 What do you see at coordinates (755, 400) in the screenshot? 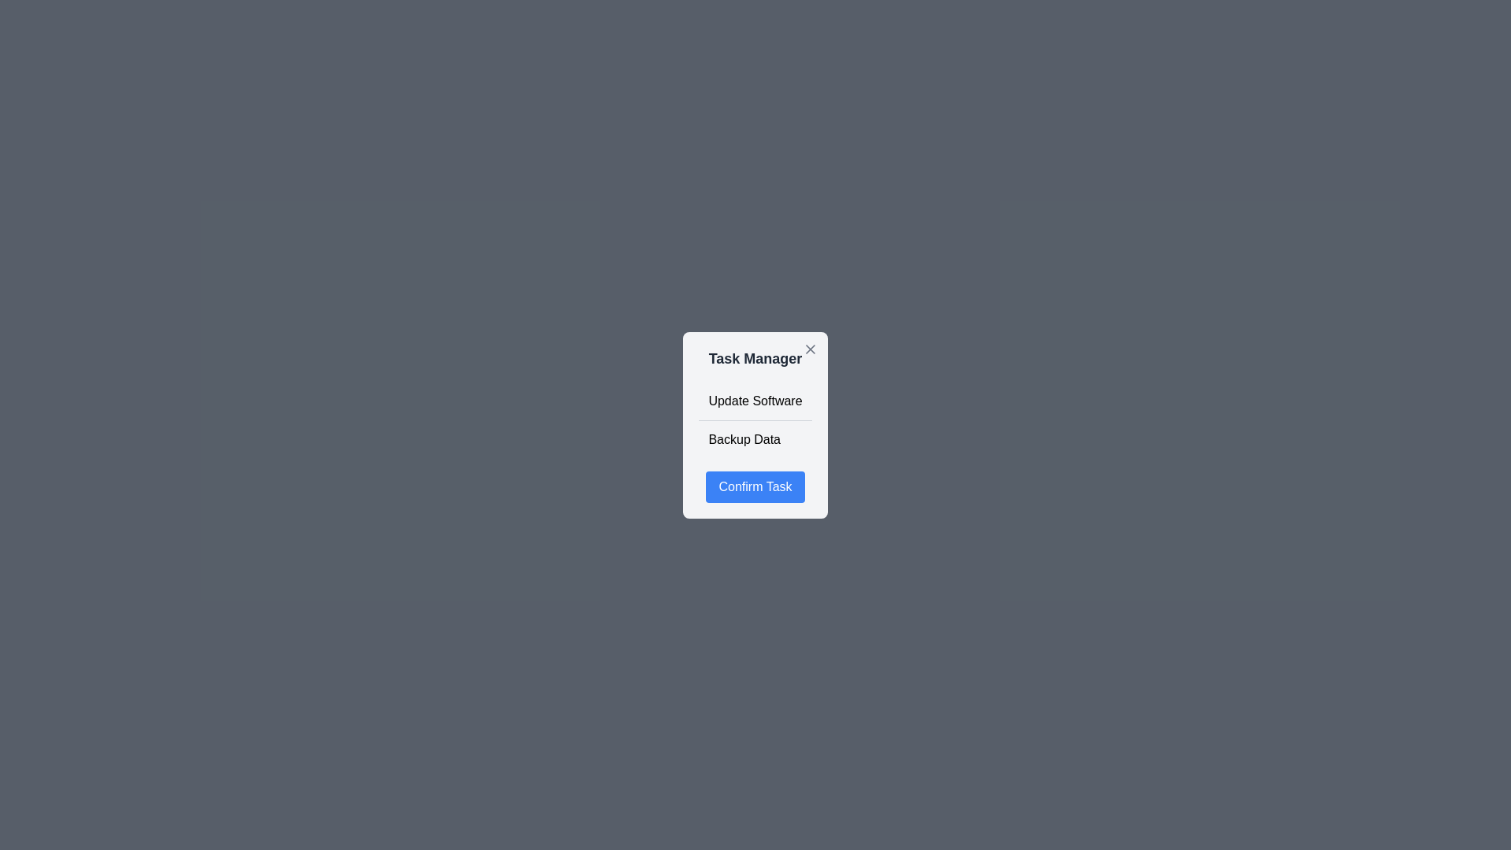
I see `the task Update Software from the list` at bounding box center [755, 400].